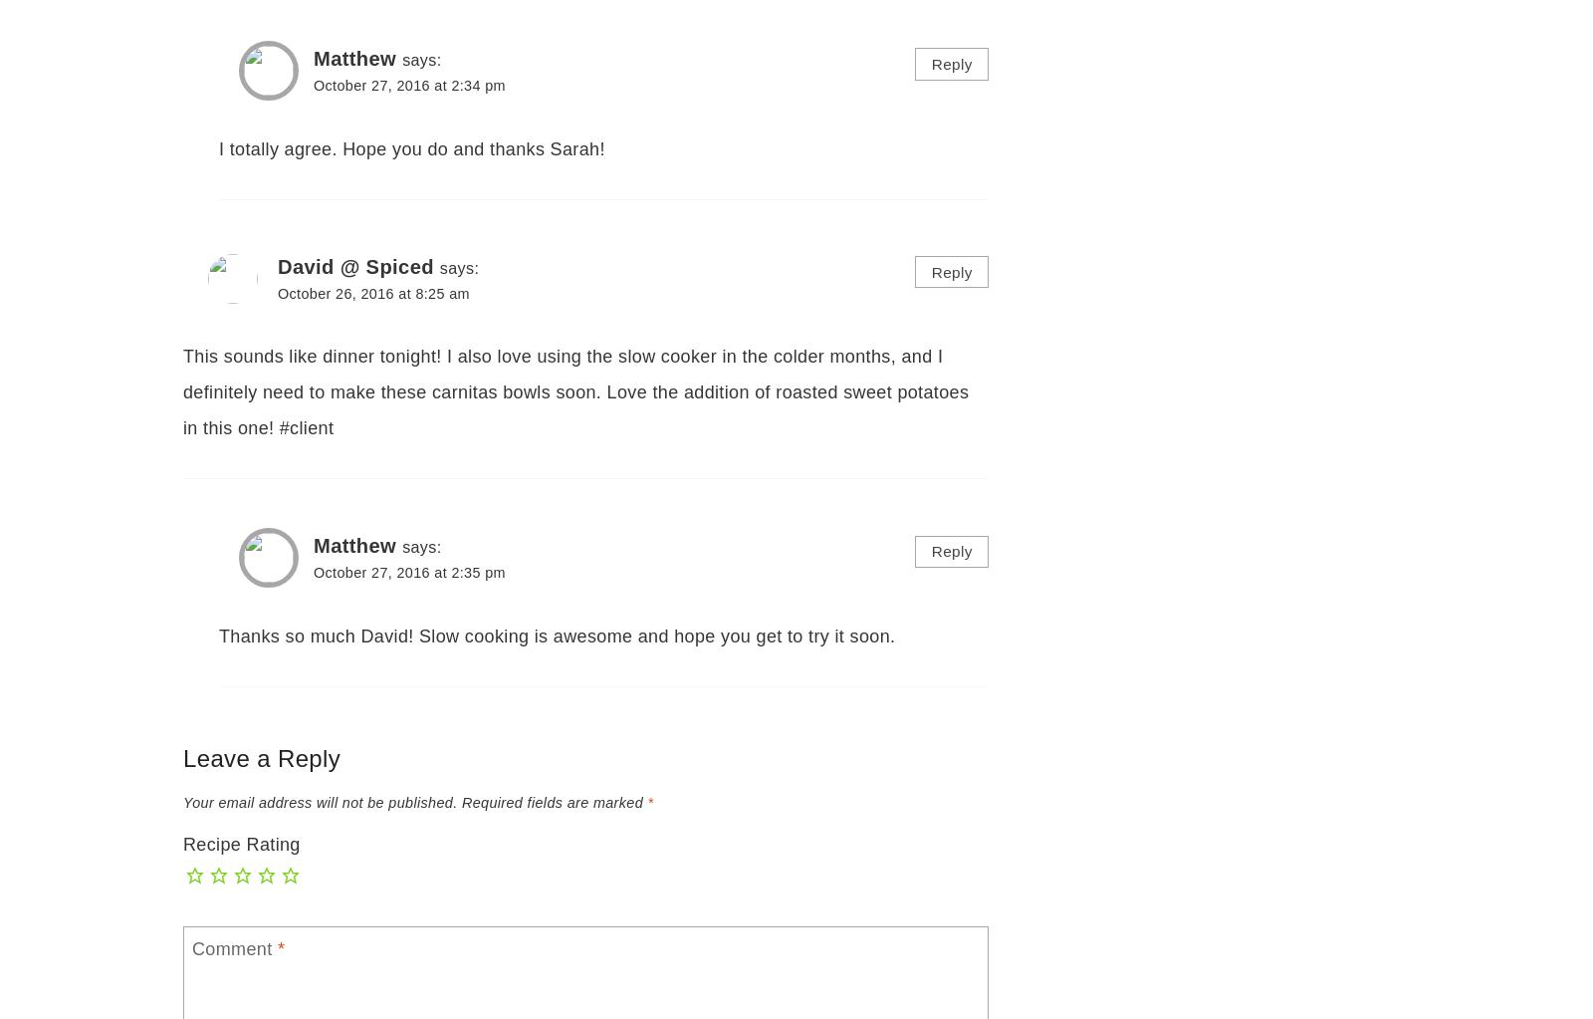 This screenshot has height=1019, width=1593. What do you see at coordinates (574, 390) in the screenshot?
I see `'This sounds like dinner tonight!  I also love using the slow cooker in the colder months, and I definitely need to make these carnitas bowls soon.  Love the addition of roasted sweet potatoes in this one! #client'` at bounding box center [574, 390].